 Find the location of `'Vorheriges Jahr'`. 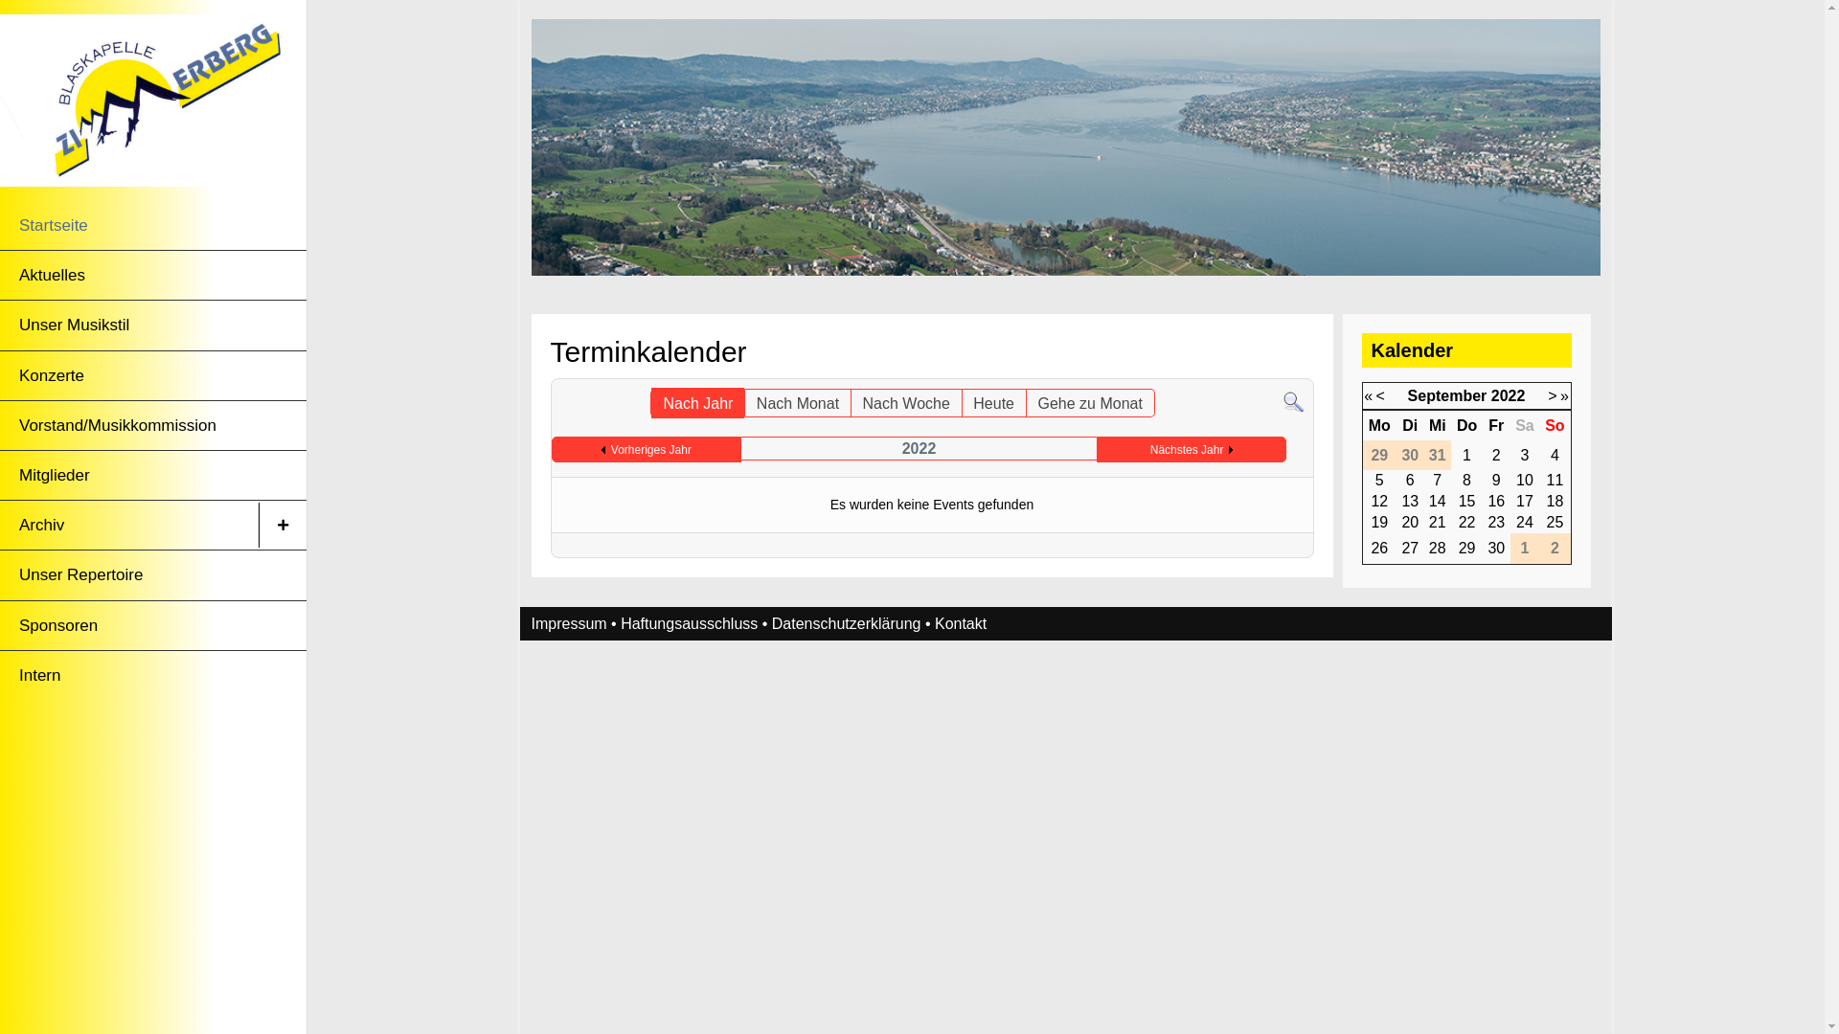

'Vorheriges Jahr' is located at coordinates (647, 450).